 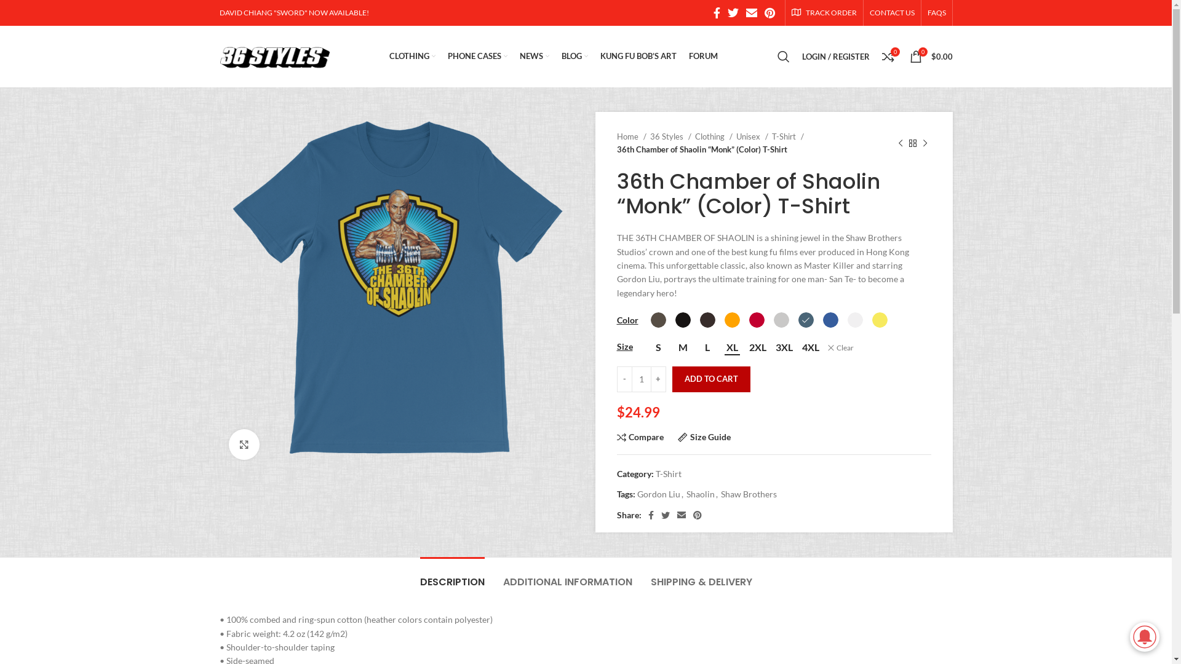 I want to click on 'Clothing', so click(x=714, y=136).